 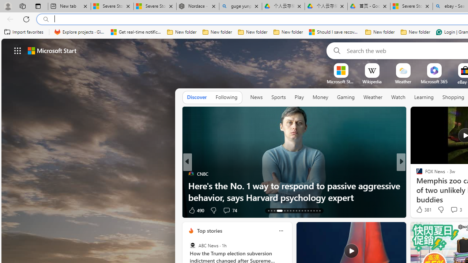 What do you see at coordinates (308, 211) in the screenshot?
I see `'AutomationID: tab-25'` at bounding box center [308, 211].